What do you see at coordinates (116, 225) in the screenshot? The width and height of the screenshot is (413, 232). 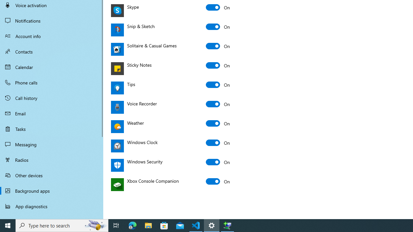 I see `'Task View'` at bounding box center [116, 225].